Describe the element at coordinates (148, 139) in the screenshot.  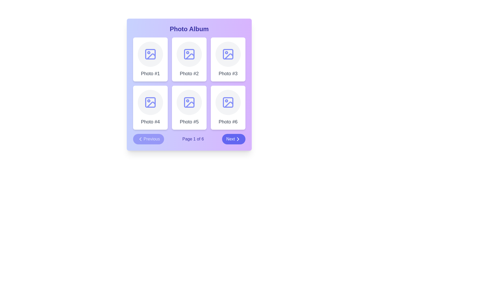
I see `the 'Previous' button, which is a rounded purple button with white text and a left-arrow icon, located in the navigation bar at the bottom of the main content area` at that location.